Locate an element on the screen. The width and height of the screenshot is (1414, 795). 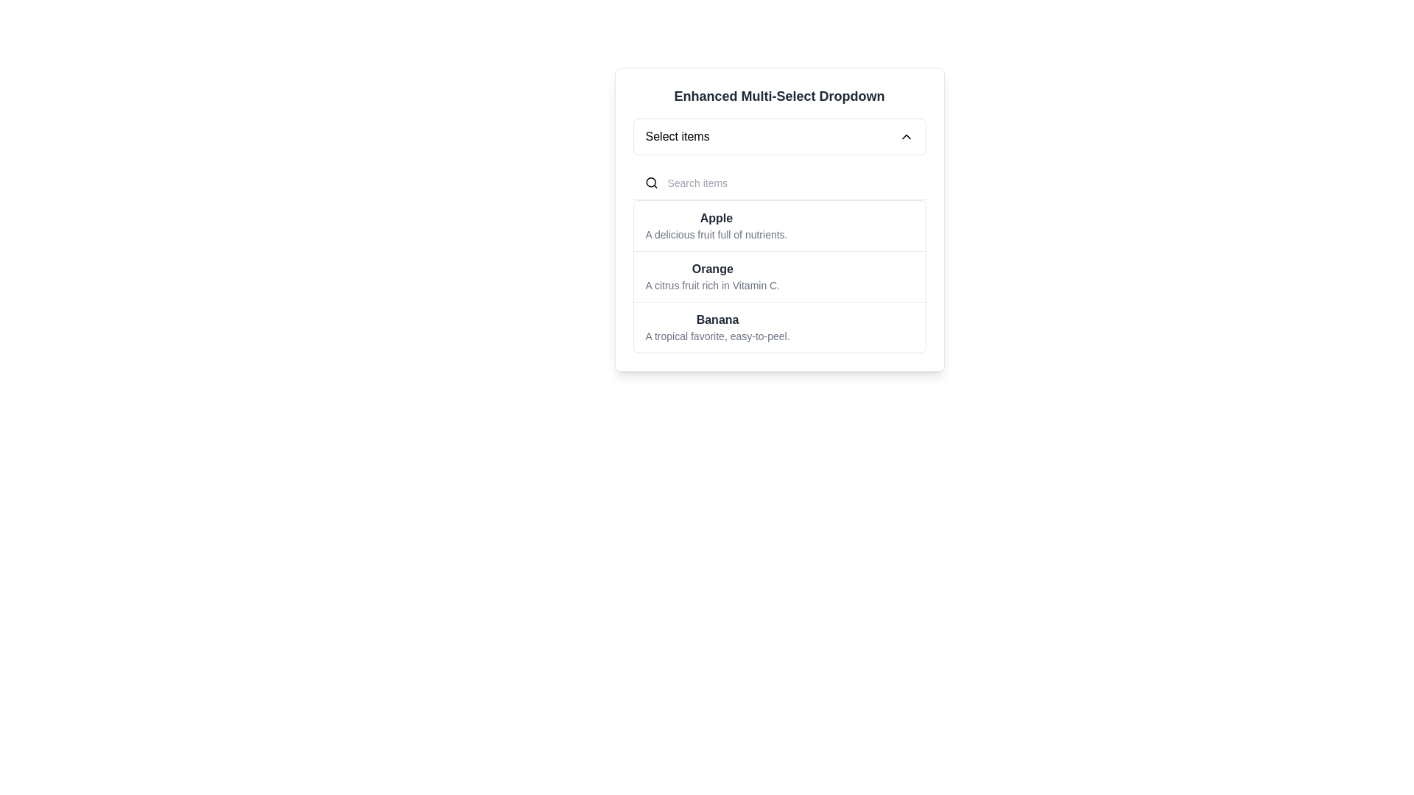
the item in the dropdown list of selectable options located below the search bar is located at coordinates (778, 259).